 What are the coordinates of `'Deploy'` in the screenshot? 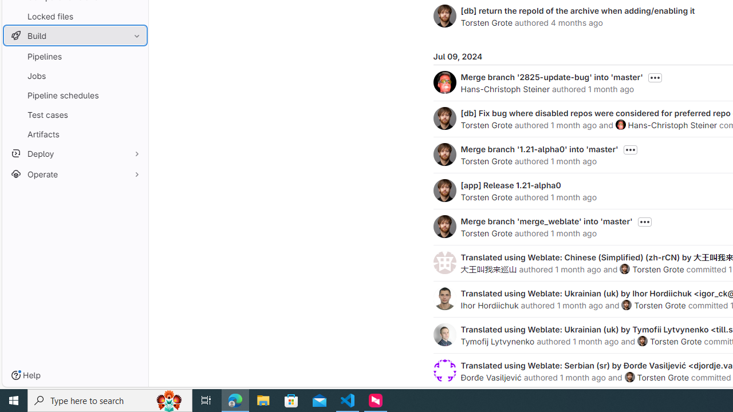 It's located at (74, 153).